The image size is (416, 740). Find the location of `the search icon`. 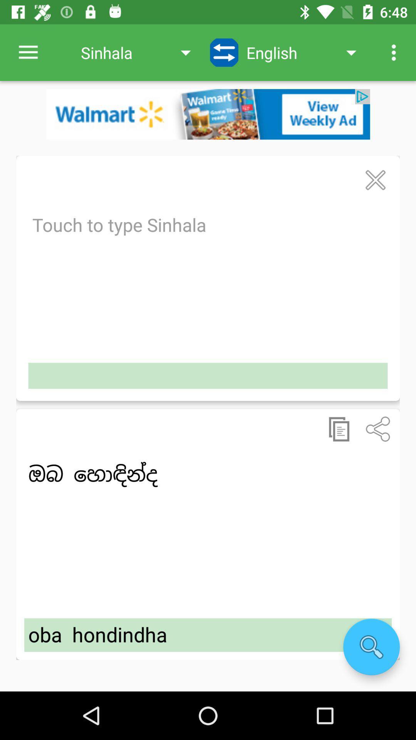

the search icon is located at coordinates (371, 647).